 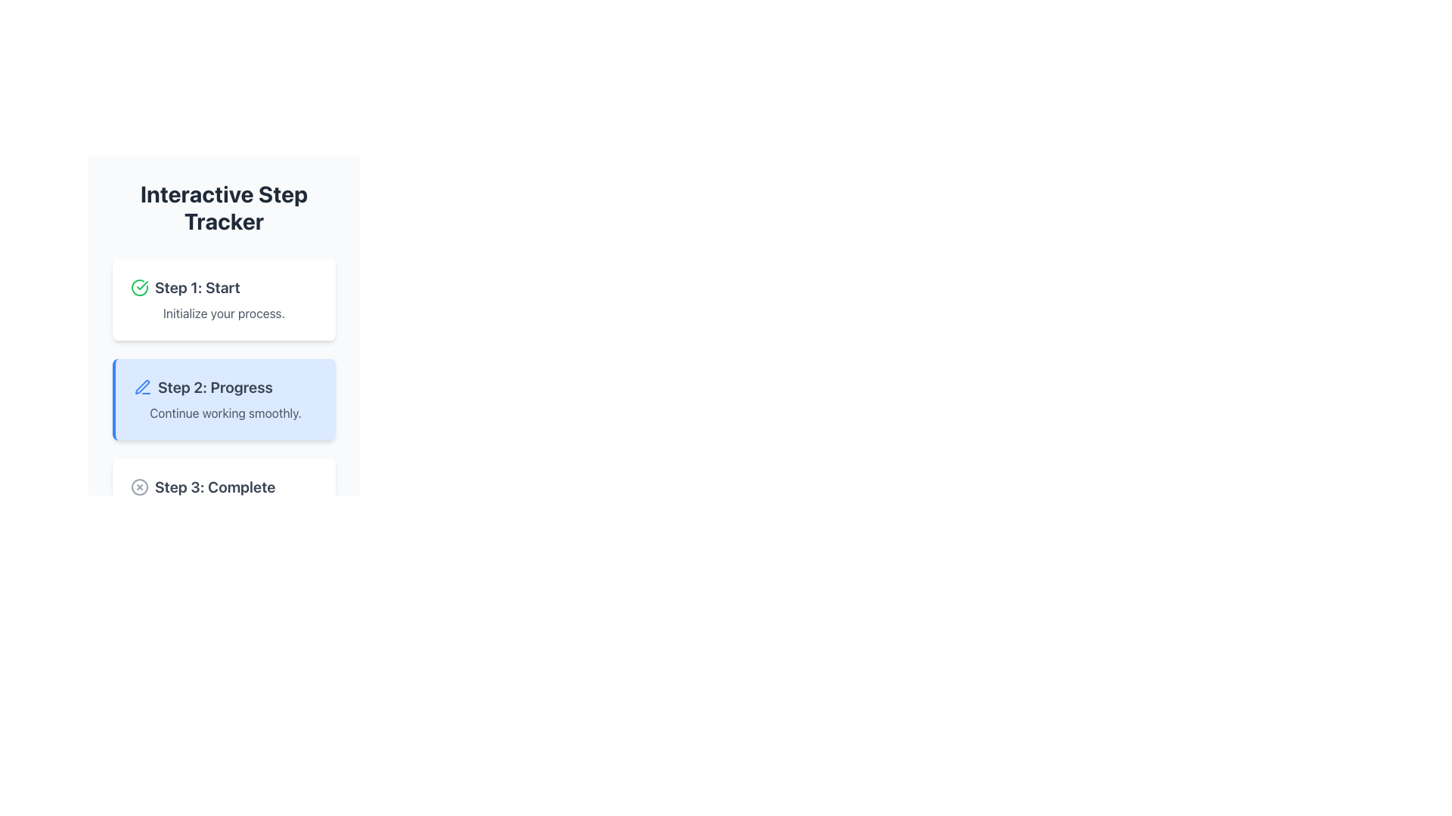 I want to click on the Text Label with Icon displaying 'Step 2: Progress', so click(x=225, y=387).